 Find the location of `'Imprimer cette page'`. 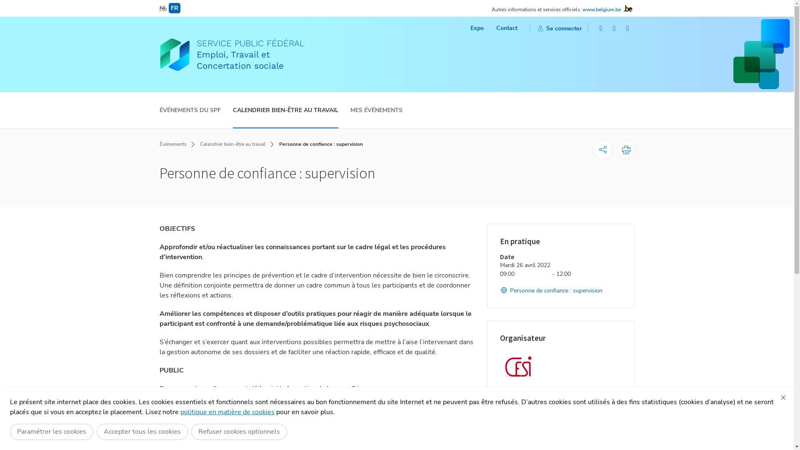

'Imprimer cette page' is located at coordinates (626, 149).